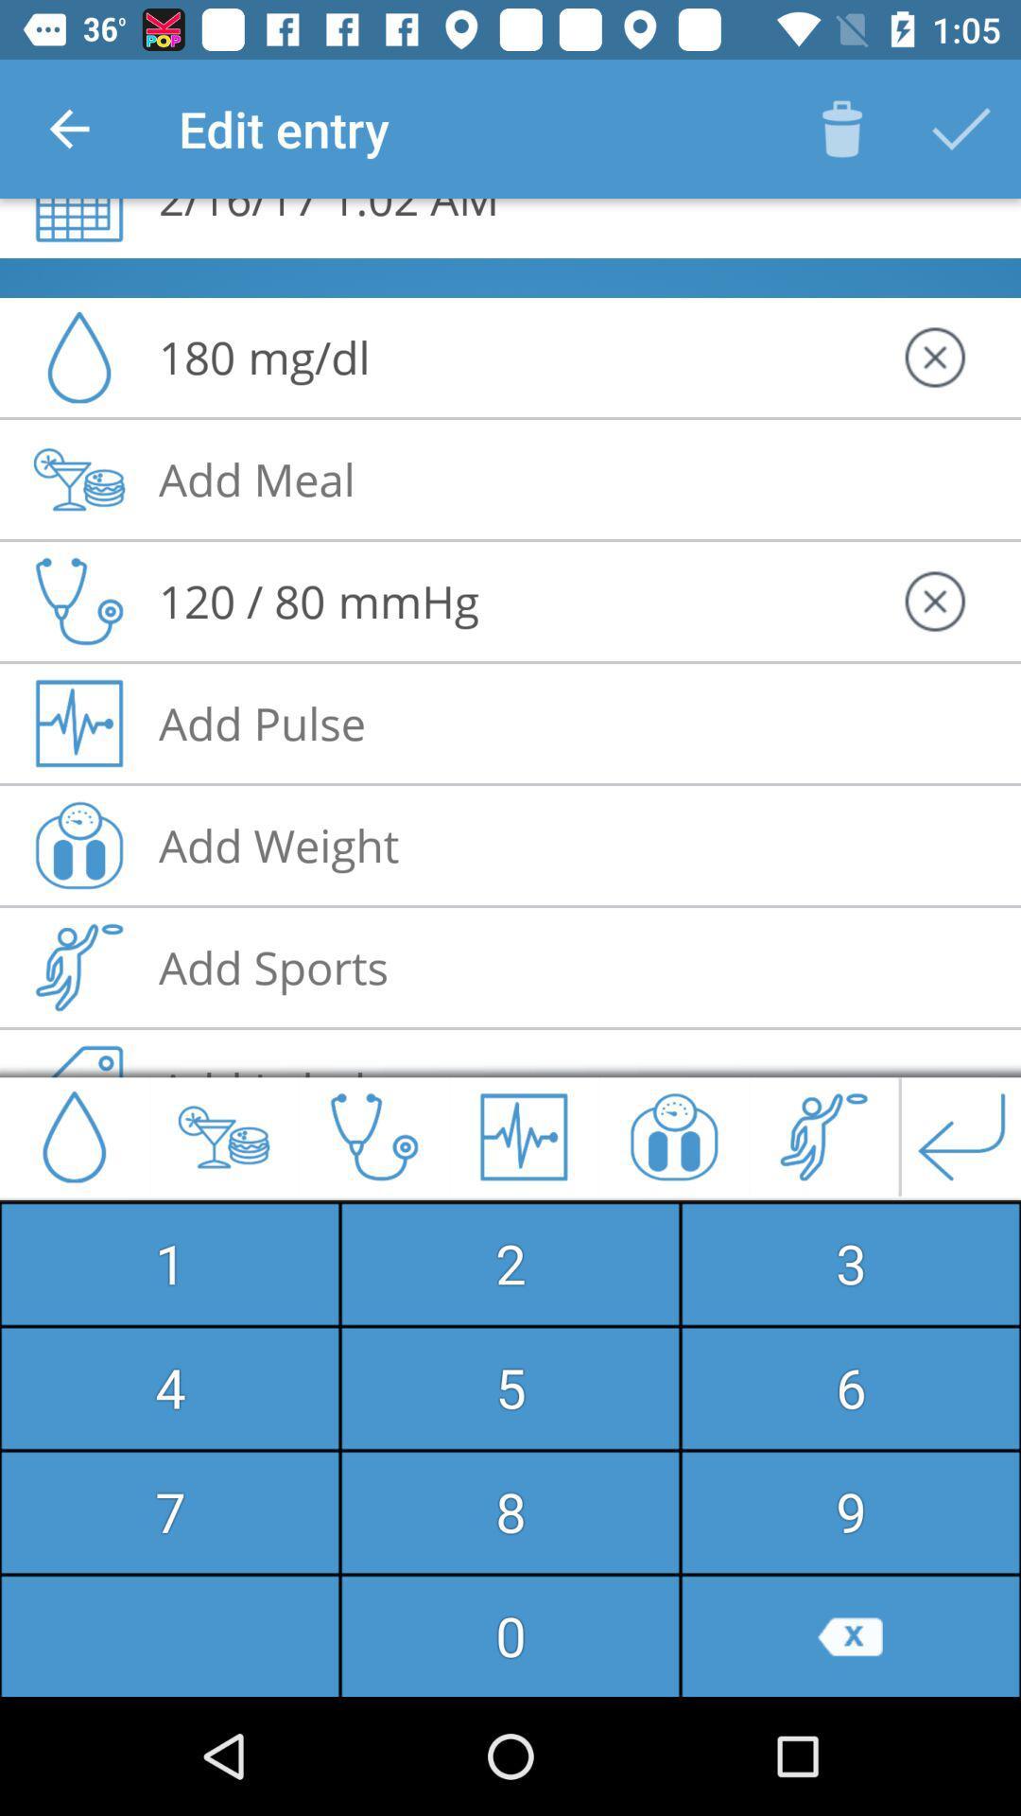 The width and height of the screenshot is (1021, 1816). Describe the element at coordinates (673, 1136) in the screenshot. I see `the gift icon` at that location.